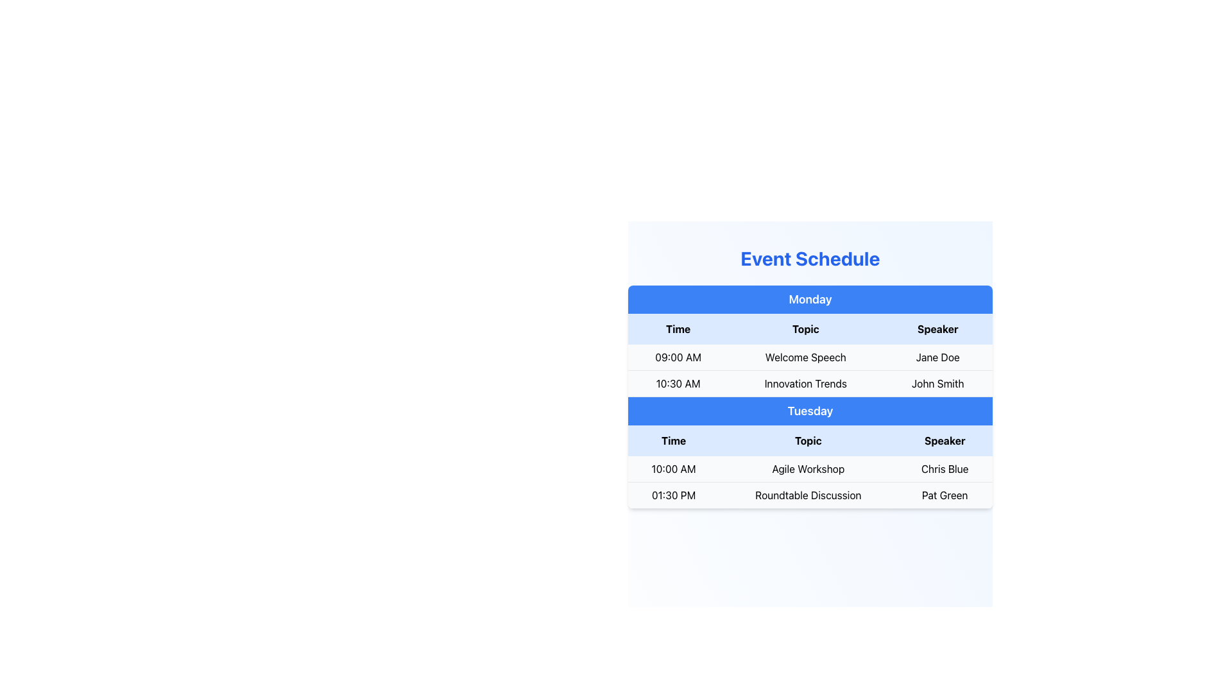 This screenshot has height=693, width=1232. Describe the element at coordinates (805, 382) in the screenshot. I see `the static text label indicating a specific topic in the event schedule, which is centrally aligned in the 'Topic' column of the Monday schedule row` at that location.